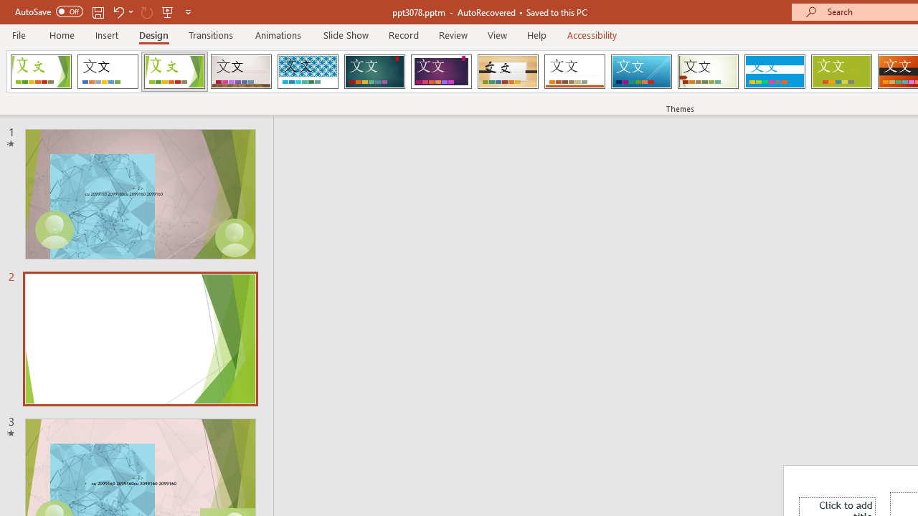 Image resolution: width=918 pixels, height=516 pixels. I want to click on 'Integral', so click(307, 72).